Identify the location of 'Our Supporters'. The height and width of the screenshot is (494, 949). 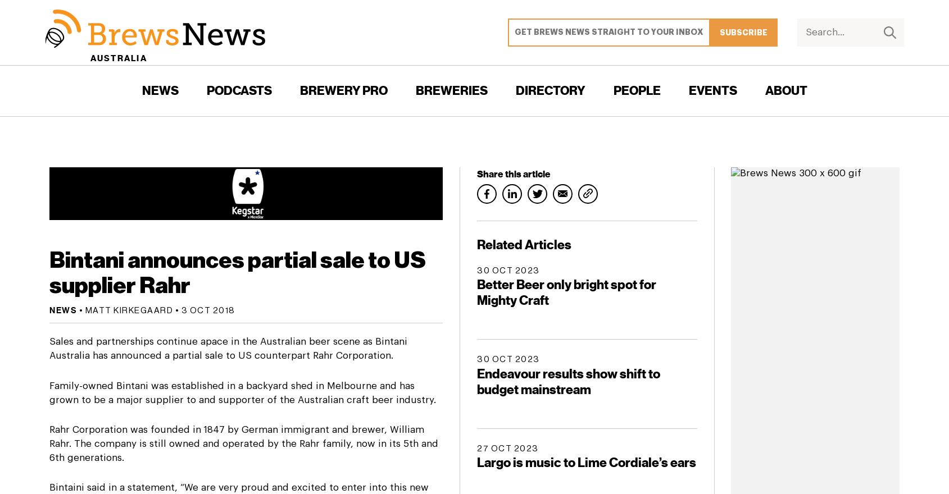
(764, 212).